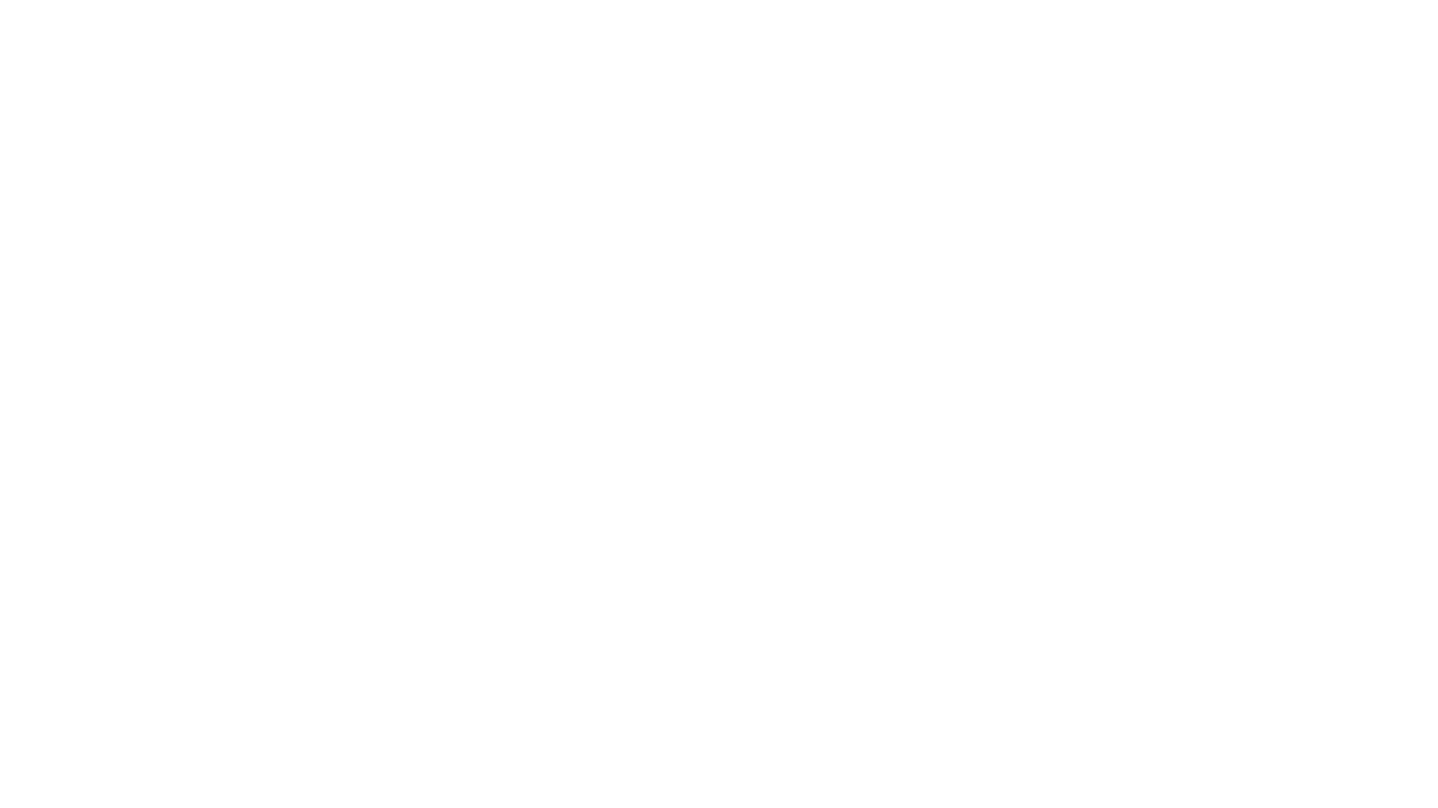 This screenshot has width=1438, height=808. I want to click on Search, so click(1239, 71).